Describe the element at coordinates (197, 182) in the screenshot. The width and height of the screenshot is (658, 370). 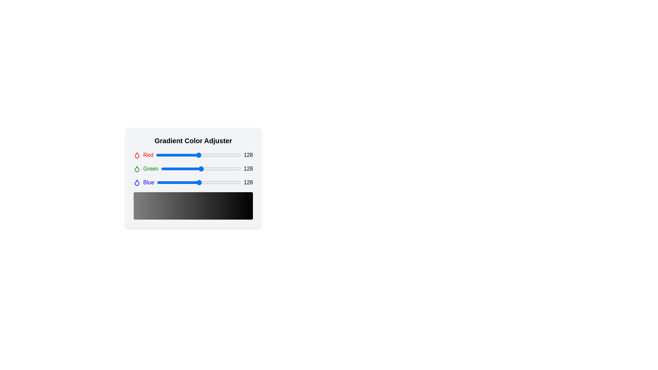
I see `the blue color slider to 123` at that location.